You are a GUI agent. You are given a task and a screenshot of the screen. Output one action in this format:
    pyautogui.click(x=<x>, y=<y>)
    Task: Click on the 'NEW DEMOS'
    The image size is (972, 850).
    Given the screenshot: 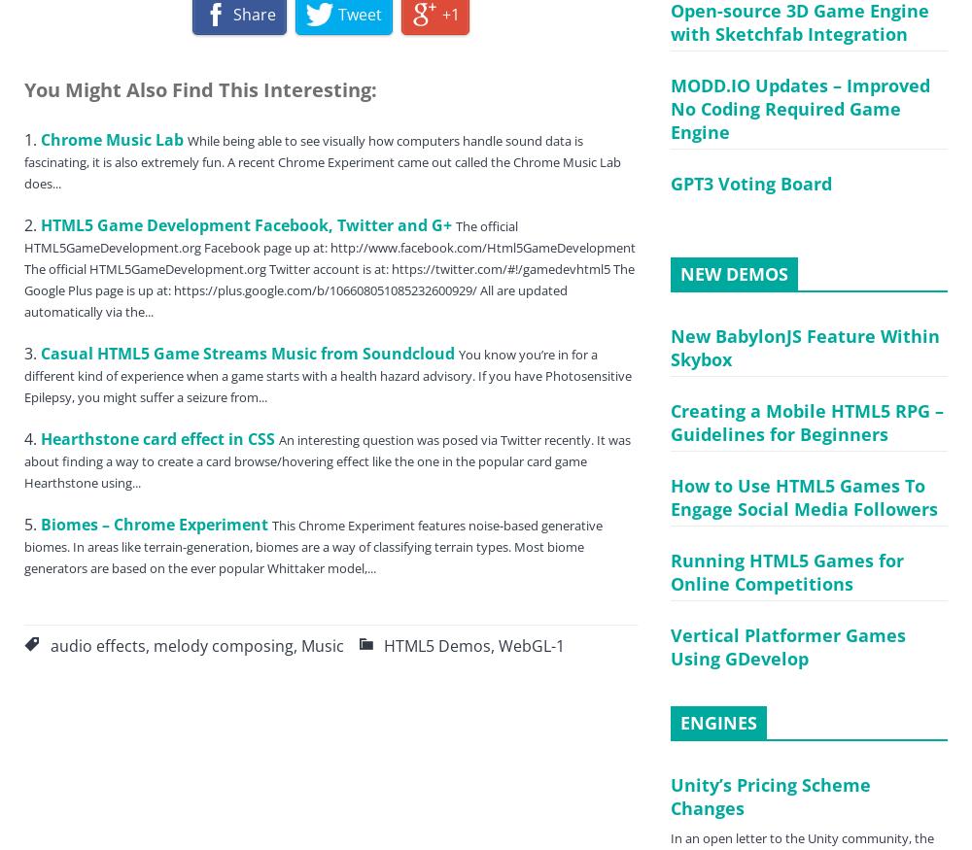 What is the action you would take?
    pyautogui.click(x=734, y=273)
    